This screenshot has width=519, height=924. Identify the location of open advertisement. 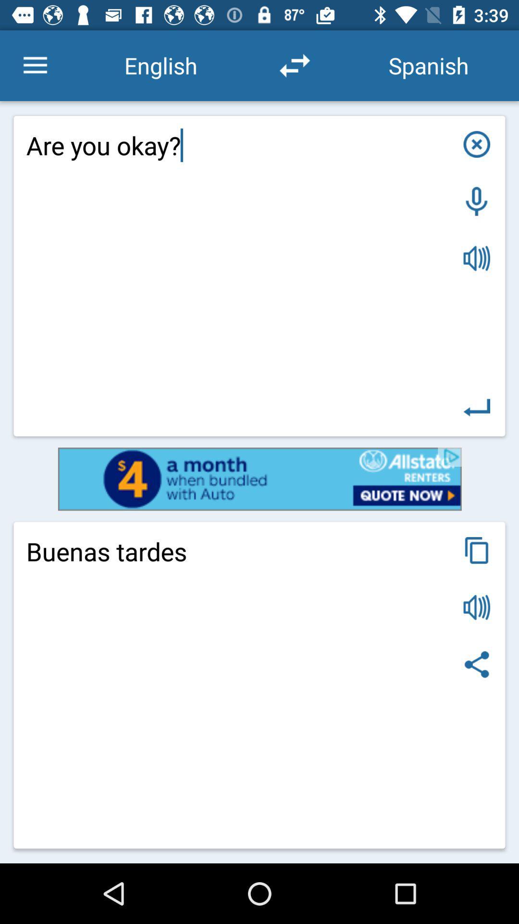
(259, 479).